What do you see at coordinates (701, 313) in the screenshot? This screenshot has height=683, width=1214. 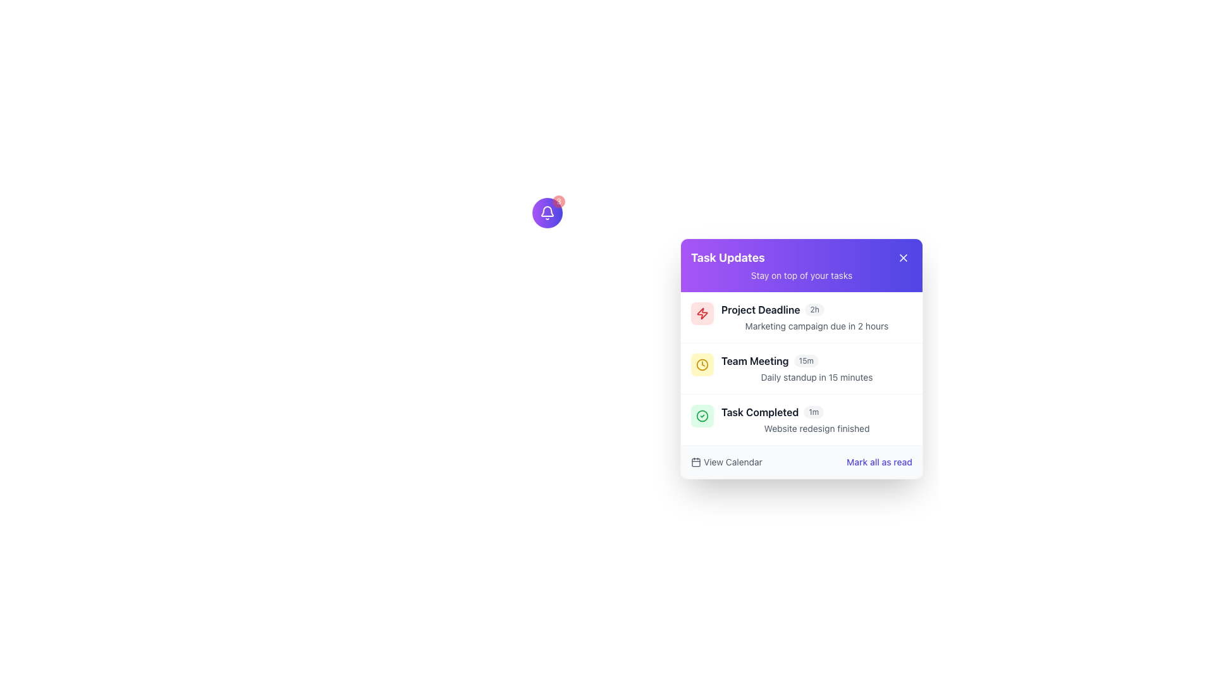 I see `the lightning bolt icon embedded within the SVG element, which is a non-interactive feature related to speed or energy, located slightly above and to the left of the main notification panel` at bounding box center [701, 313].